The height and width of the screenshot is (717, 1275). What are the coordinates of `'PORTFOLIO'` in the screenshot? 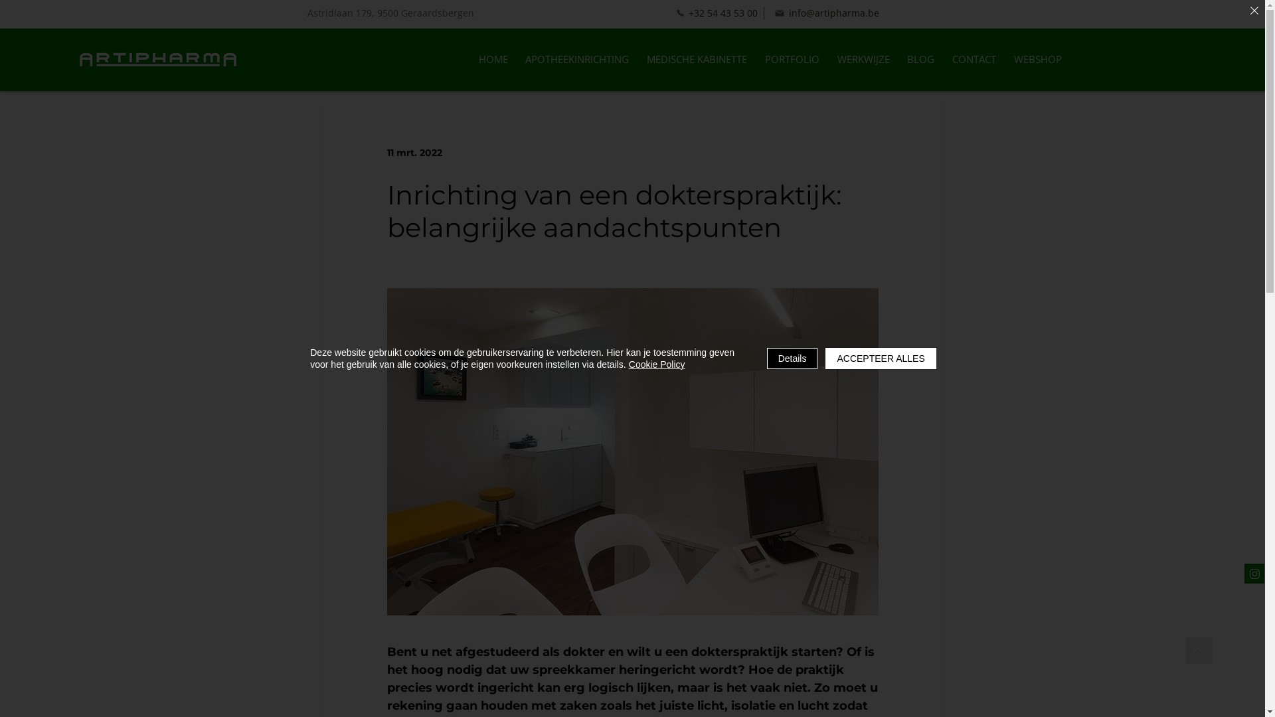 It's located at (792, 58).